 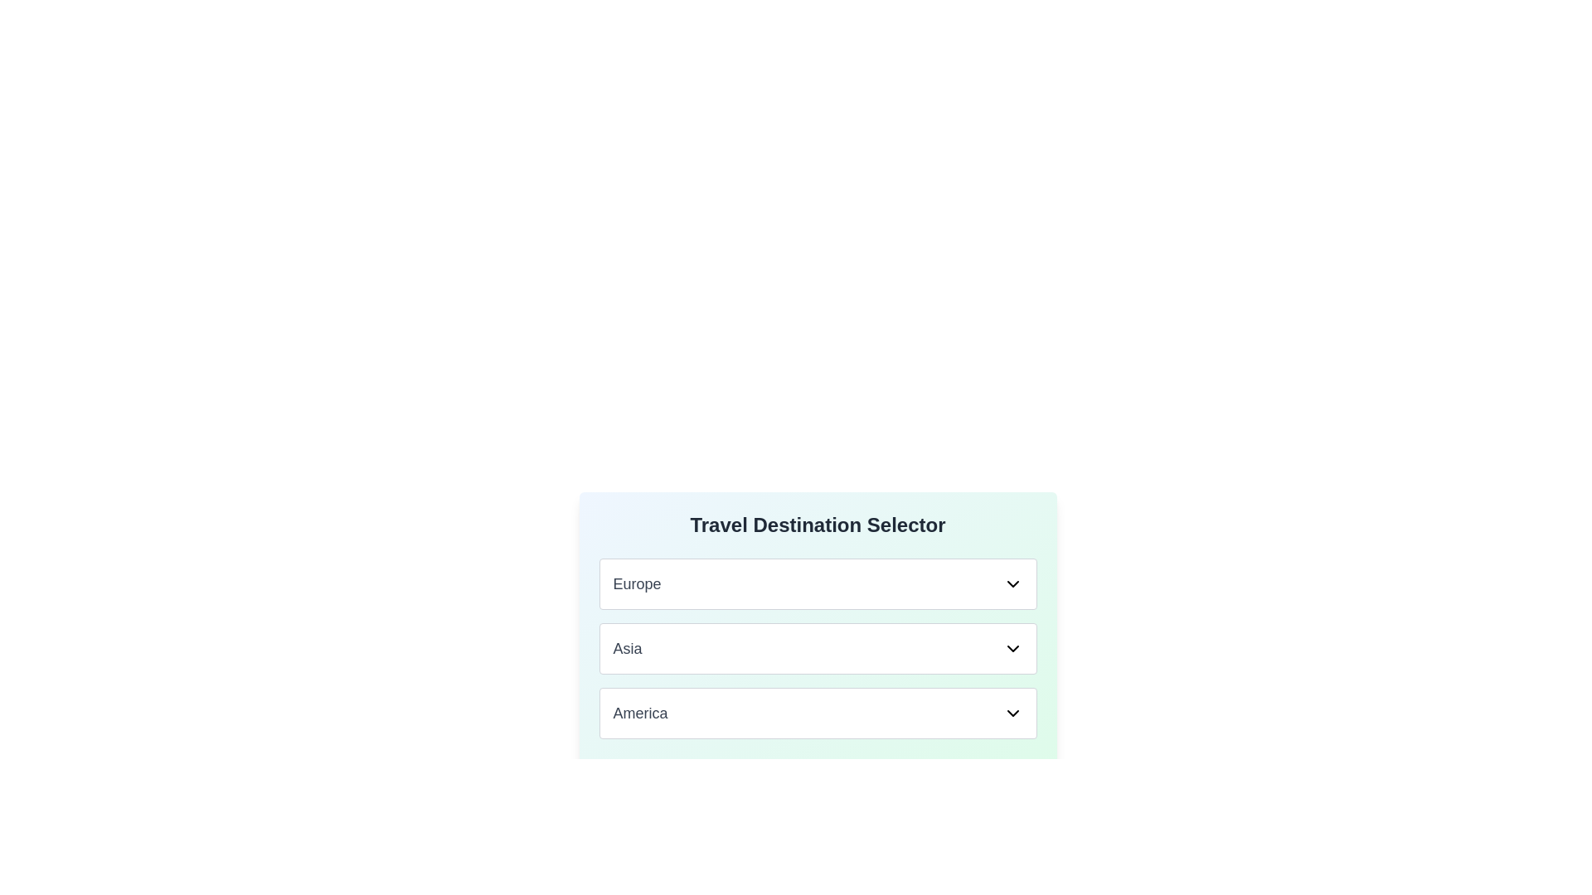 I want to click on the dropdown selector for 'America' located at the bottom of the vertically arranged list of options, so click(x=818, y=712).